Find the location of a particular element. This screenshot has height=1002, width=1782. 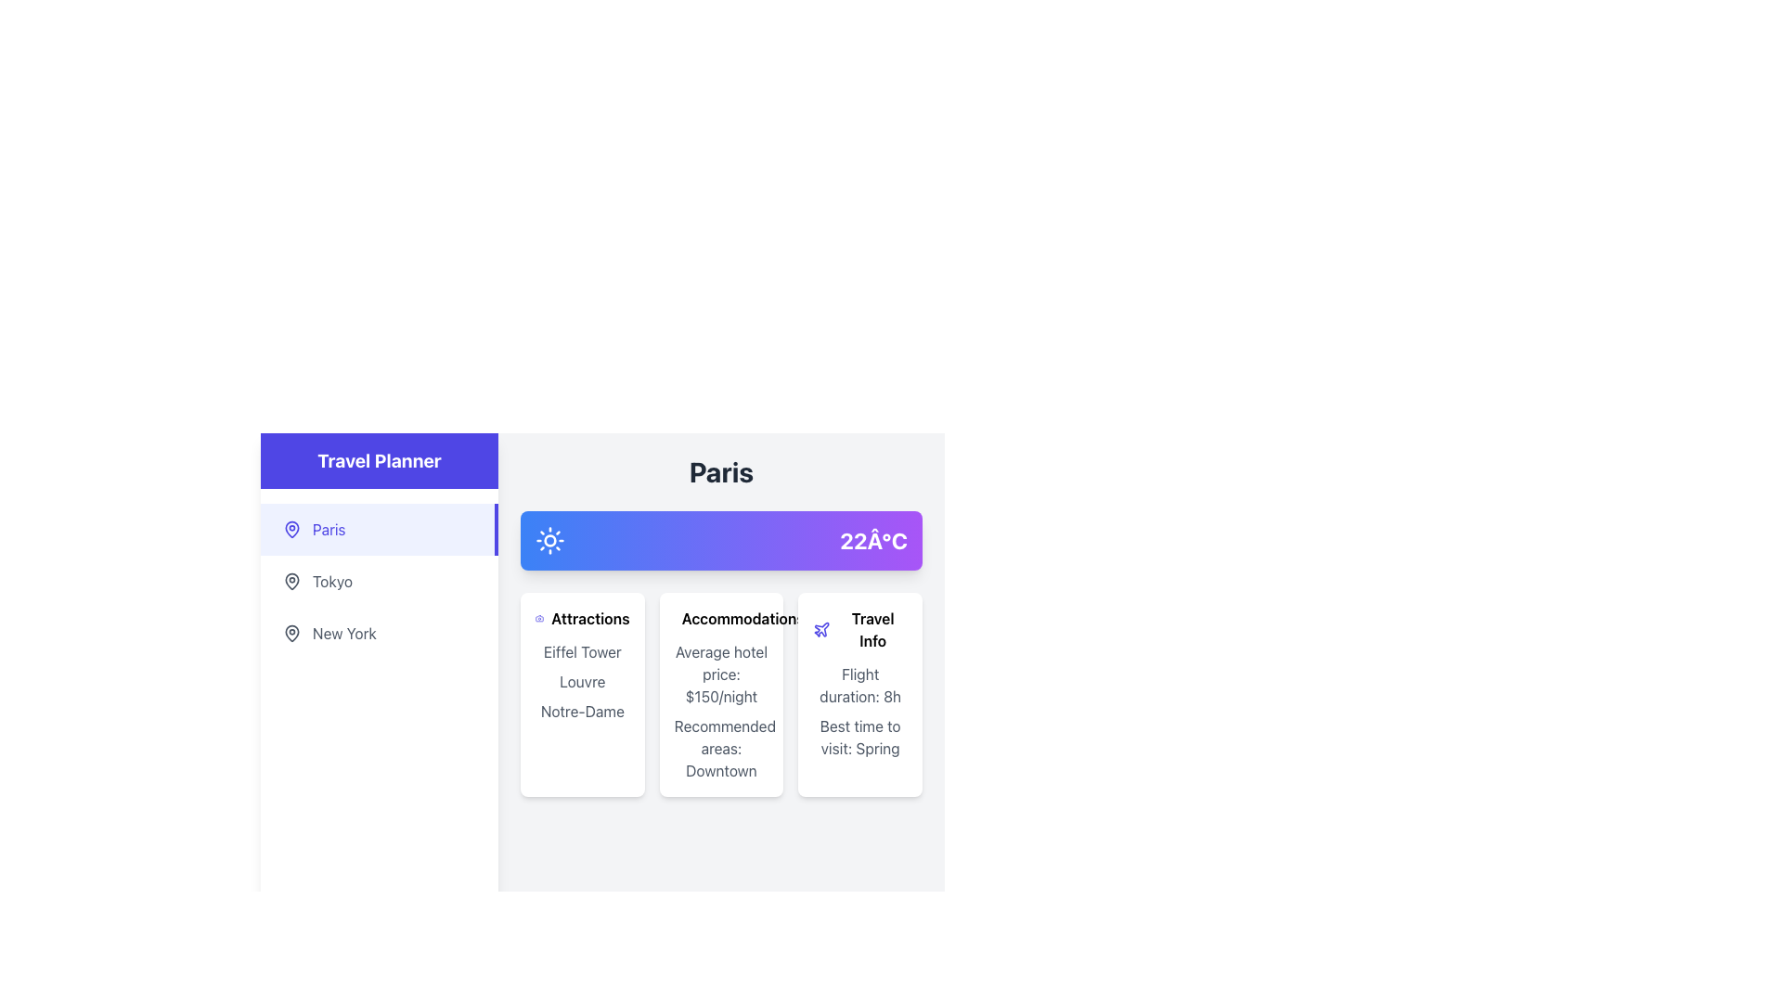

the List Item with Interactive Link labeled 'New York' located in the third position under the 'Travel Planner' section is located at coordinates (378, 632).